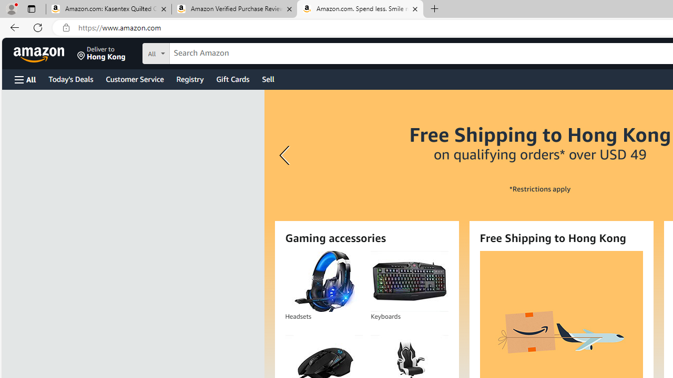  Describe the element at coordinates (268, 78) in the screenshot. I see `'Sell'` at that location.